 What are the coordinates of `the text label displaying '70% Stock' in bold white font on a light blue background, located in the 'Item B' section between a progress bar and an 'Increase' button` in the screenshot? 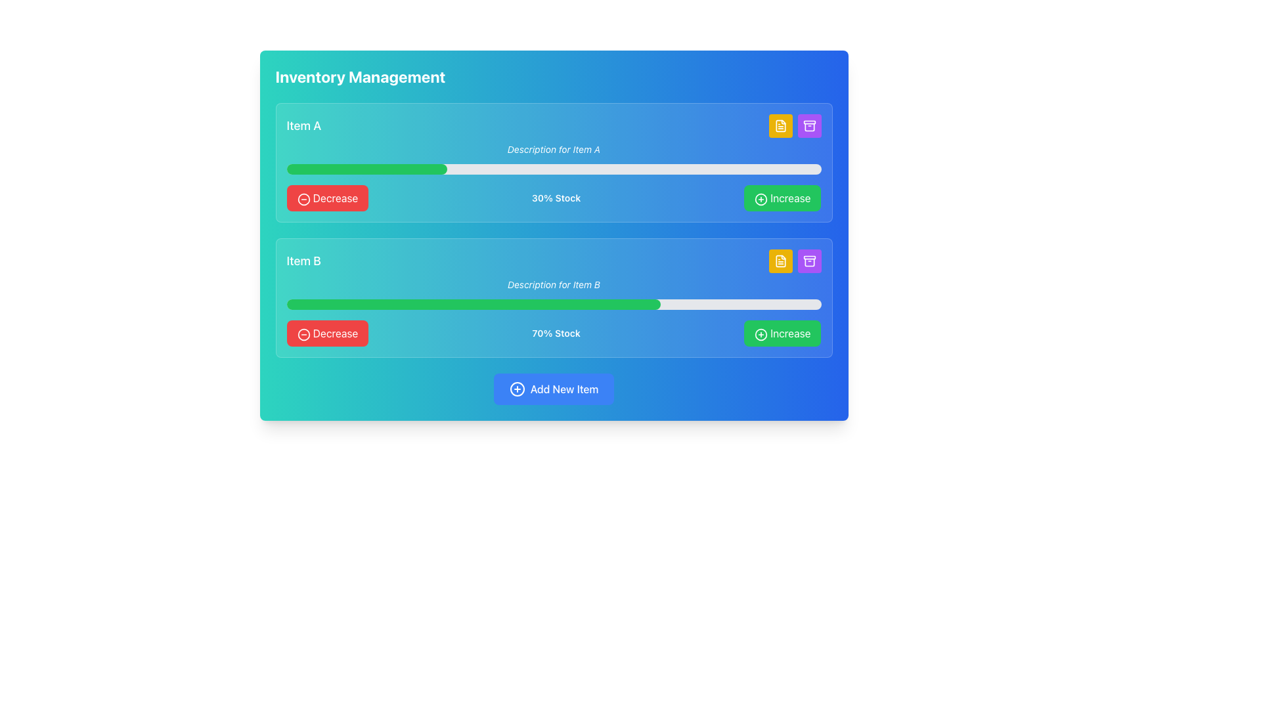 It's located at (556, 333).